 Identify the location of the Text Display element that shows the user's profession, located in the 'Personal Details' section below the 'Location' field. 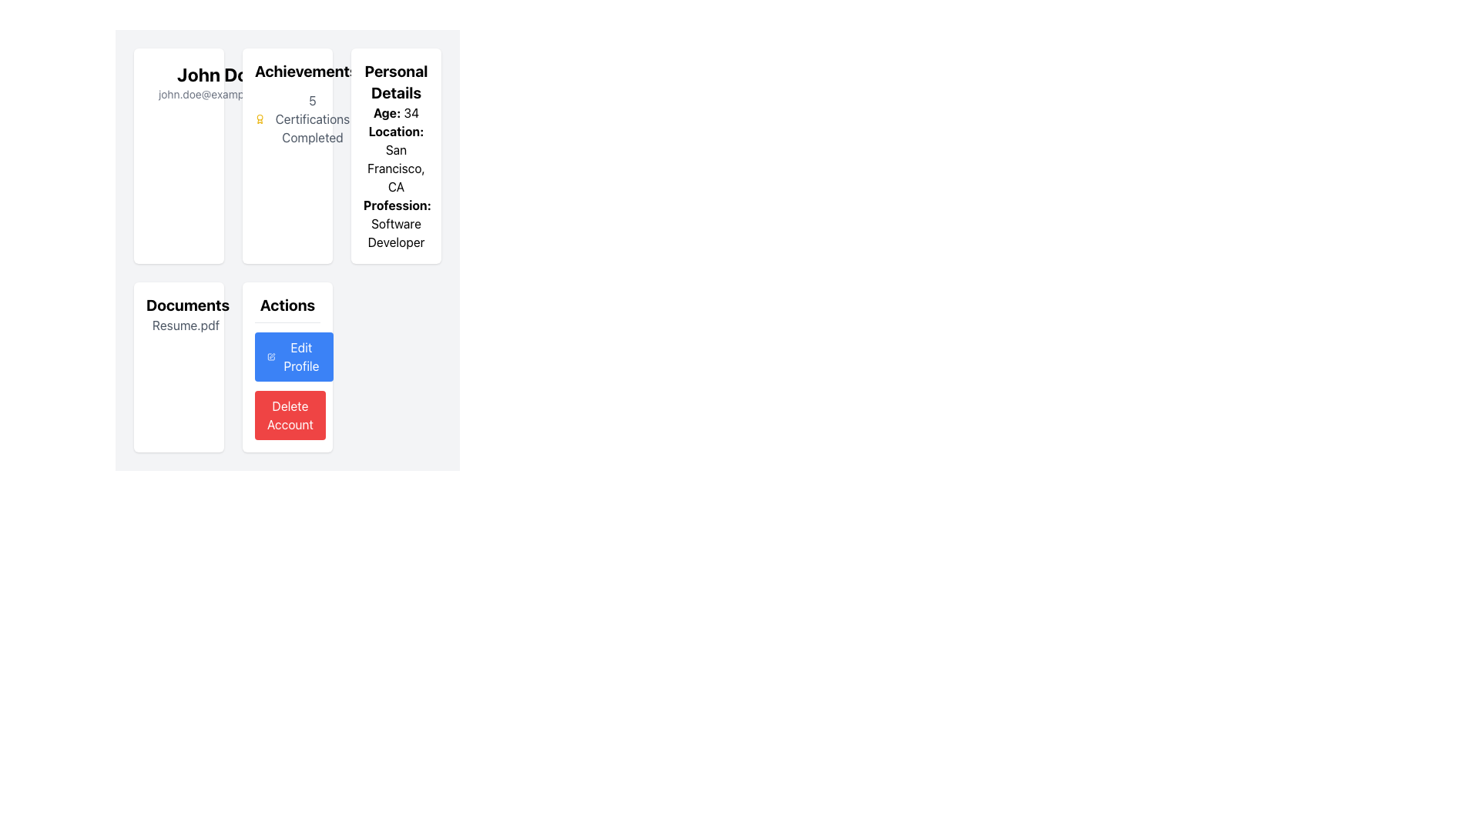
(396, 223).